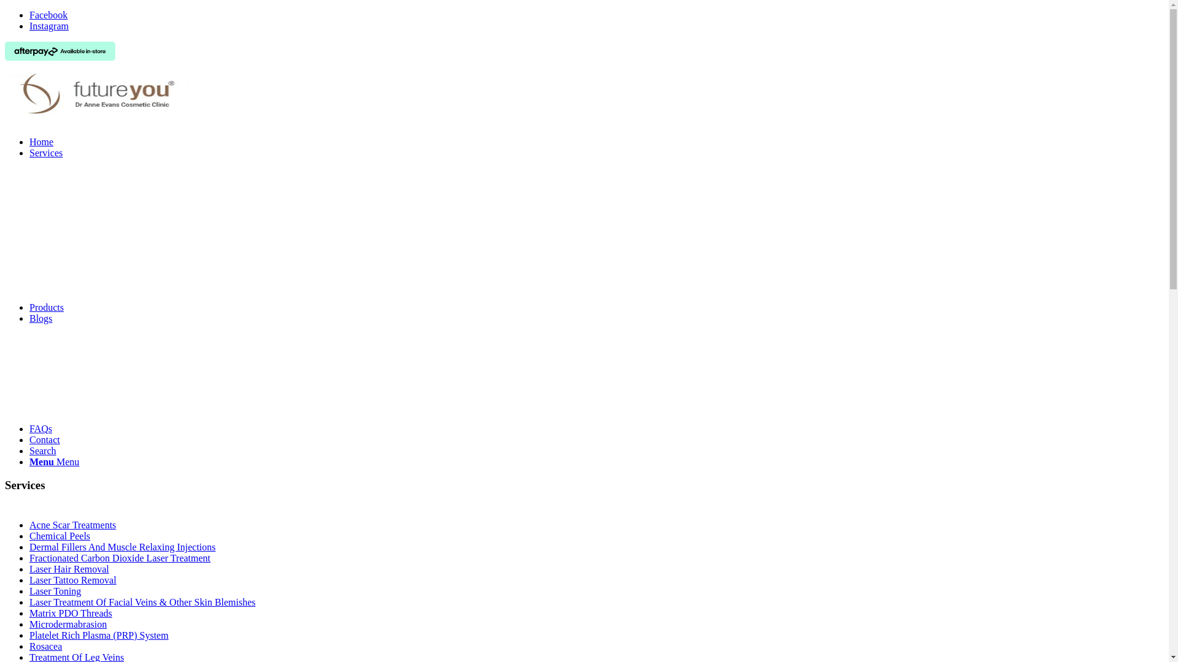 Image resolution: width=1178 pixels, height=662 pixels. Describe the element at coordinates (53, 462) in the screenshot. I see `'Menu Menu'` at that location.